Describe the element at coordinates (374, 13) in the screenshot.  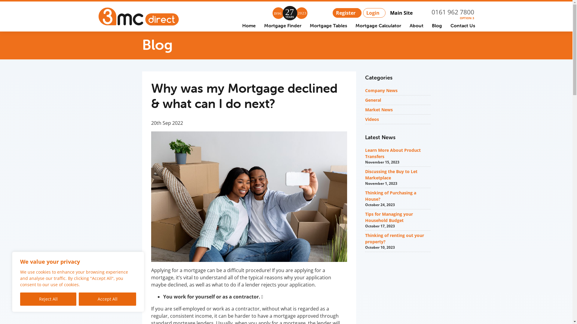
I see `'Login'` at that location.